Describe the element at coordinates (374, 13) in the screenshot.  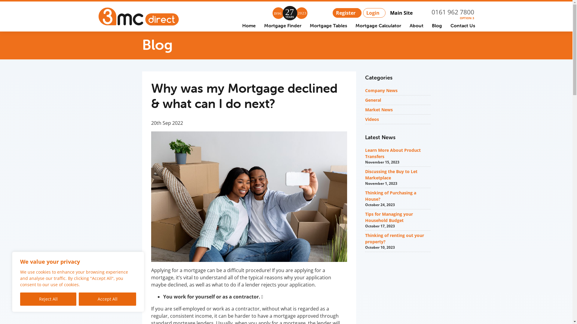
I see `'Login'` at that location.